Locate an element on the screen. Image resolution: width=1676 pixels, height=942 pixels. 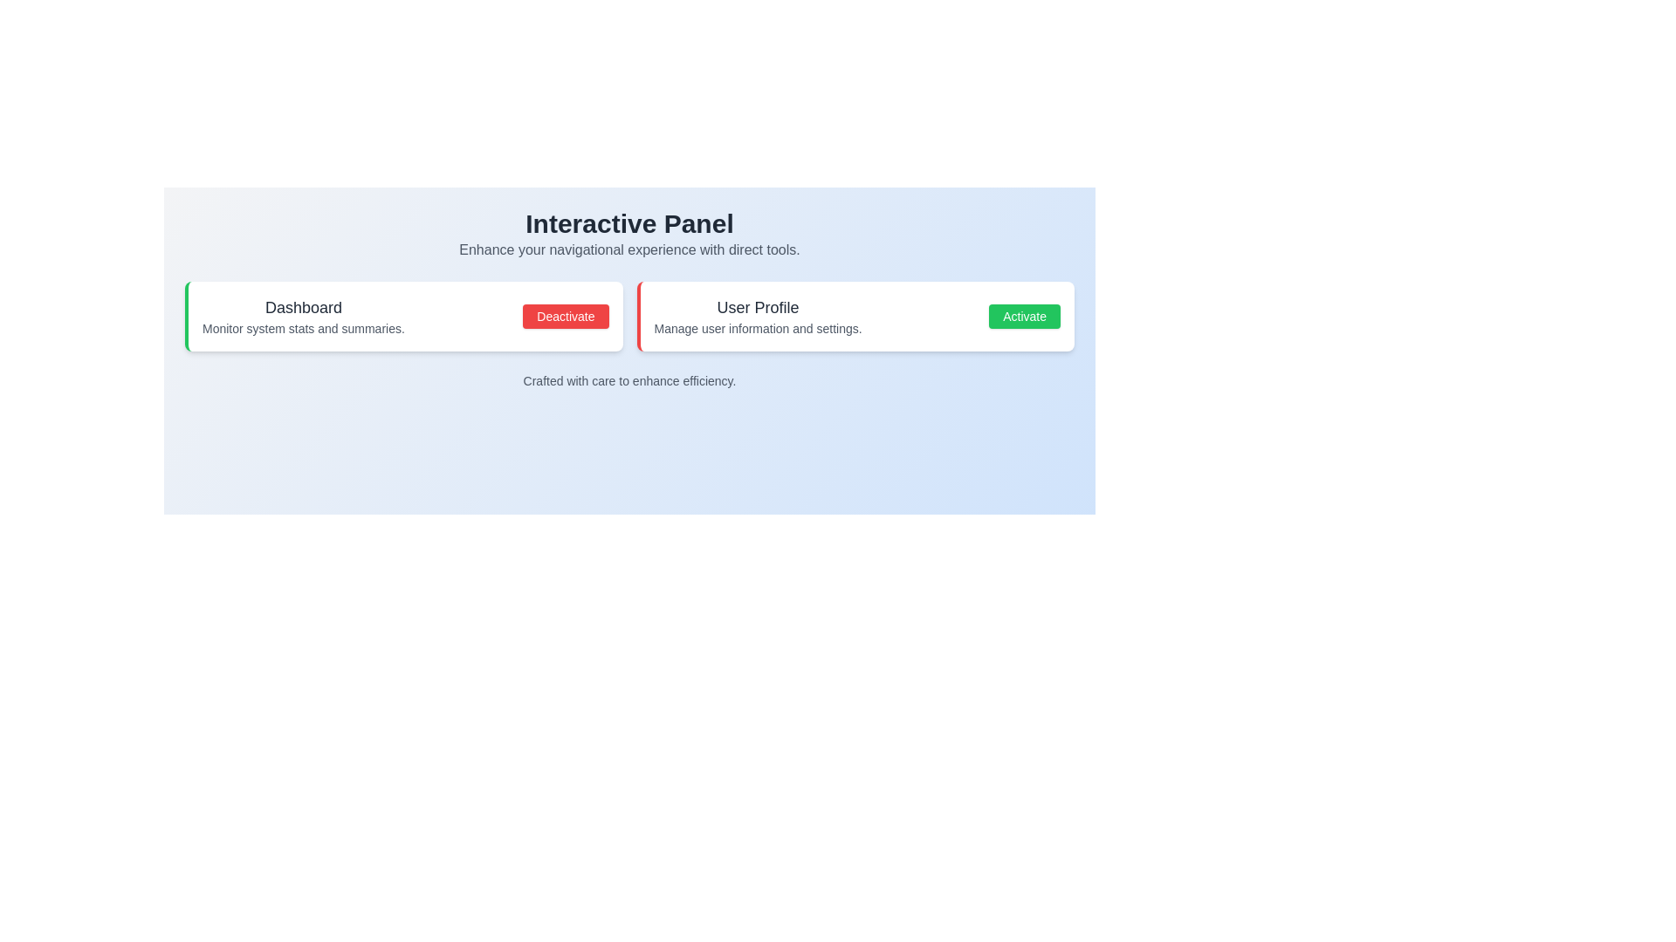
the static text element that serves as a subtitle for the 'Interactive Panel', positioned centrally below the title is located at coordinates (628, 249).